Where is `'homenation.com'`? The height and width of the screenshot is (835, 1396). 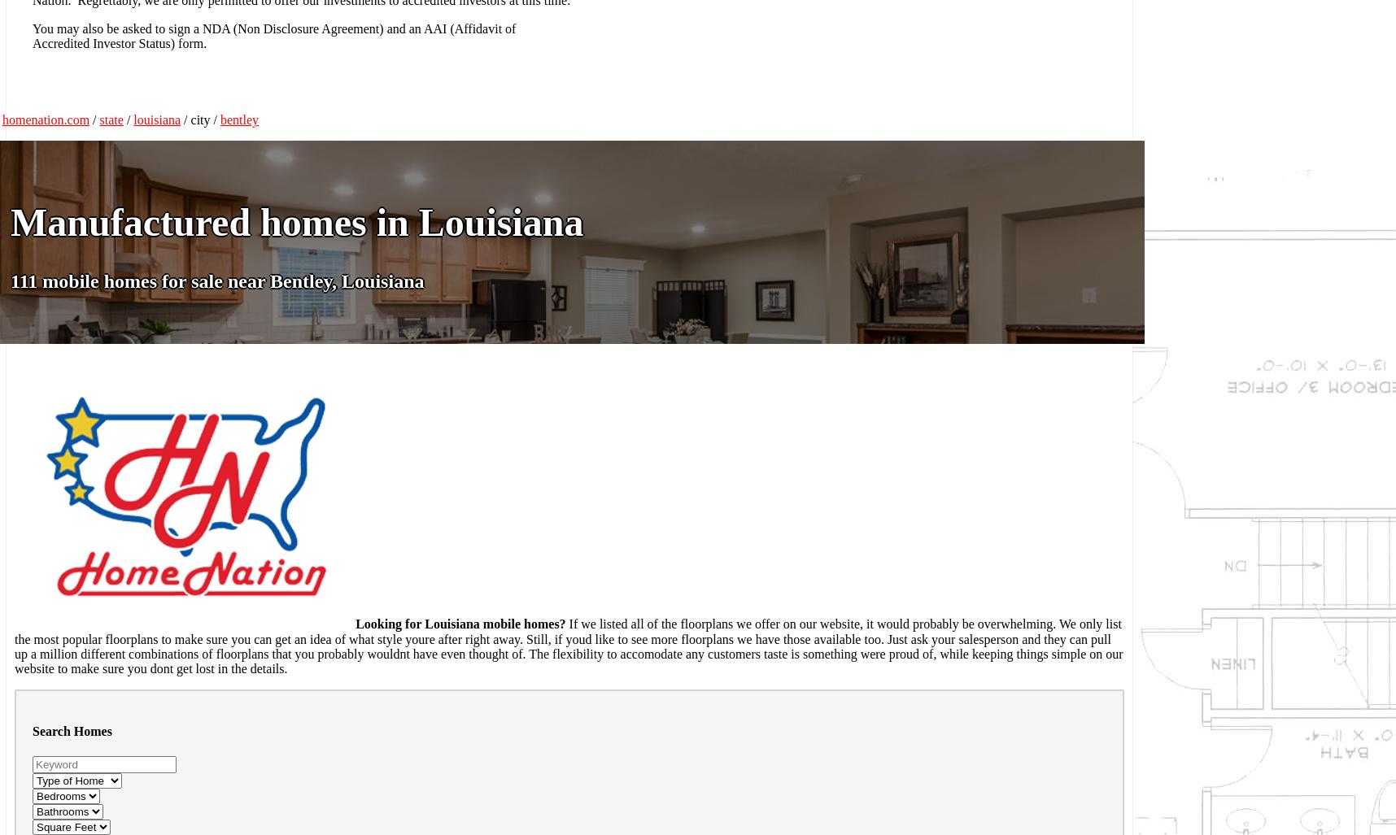 'homenation.com' is located at coordinates (45, 120).